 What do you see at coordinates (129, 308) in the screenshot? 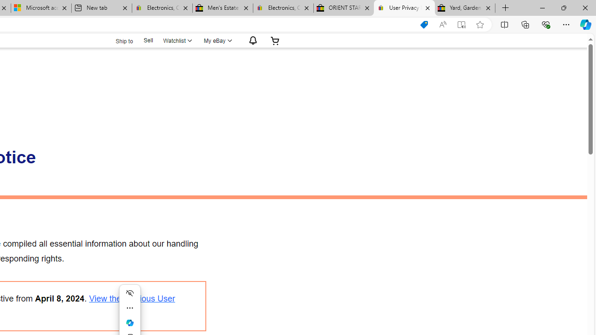
I see `'More actions'` at bounding box center [129, 308].